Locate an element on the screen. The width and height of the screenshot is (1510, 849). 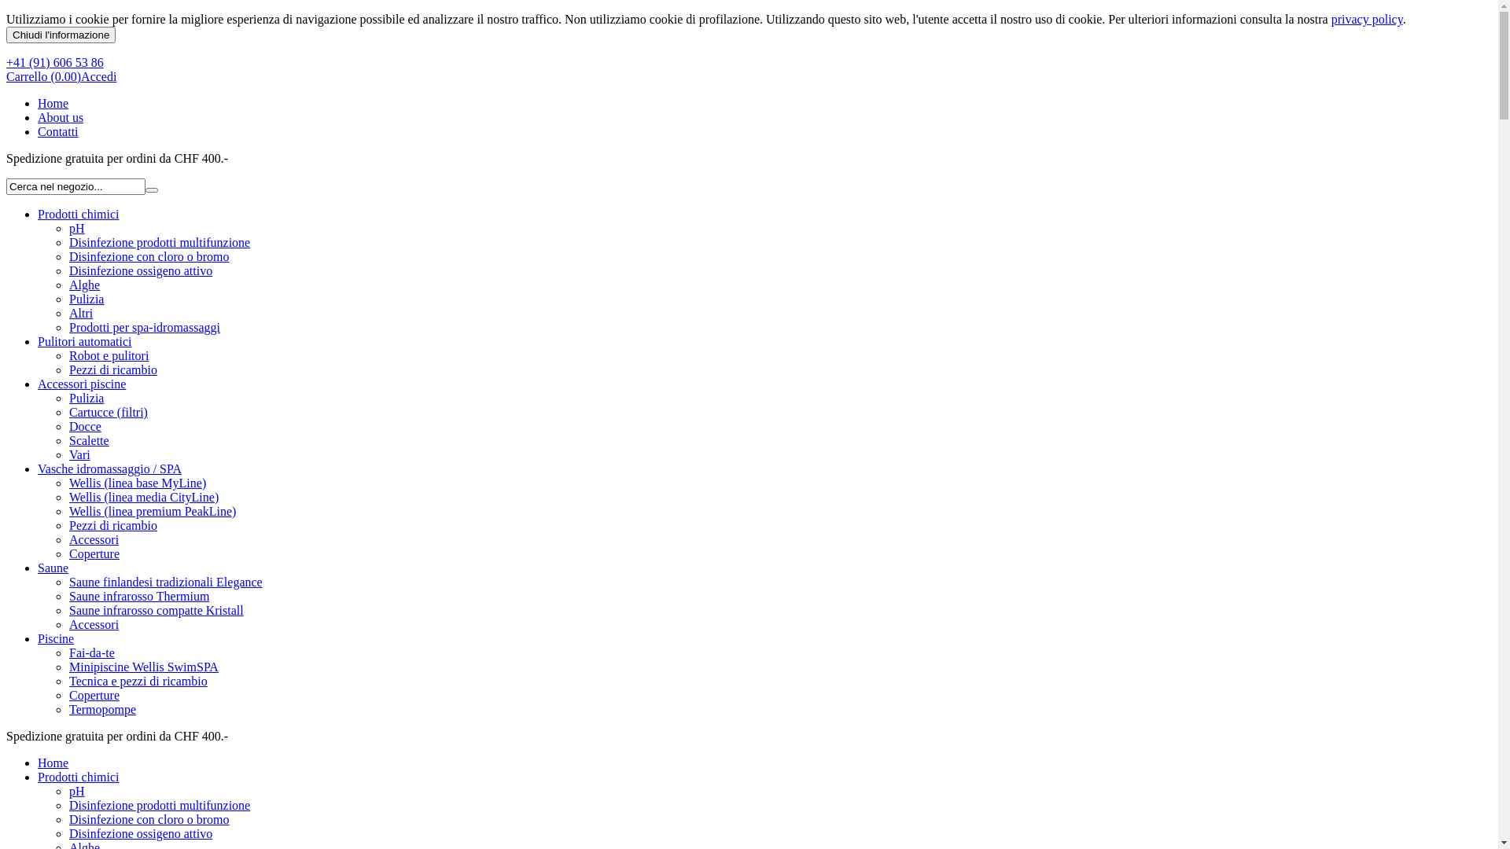
'Wellis (linea media CityLine)' is located at coordinates (143, 497).